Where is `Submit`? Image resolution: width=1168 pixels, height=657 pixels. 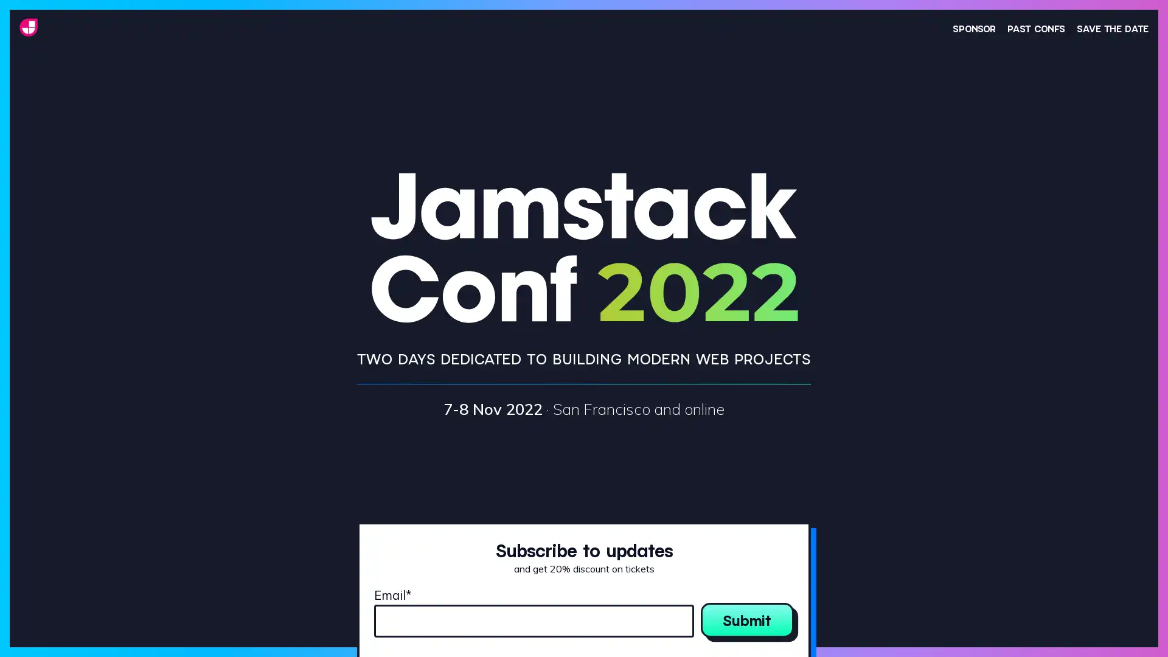
Submit is located at coordinates (746, 619).